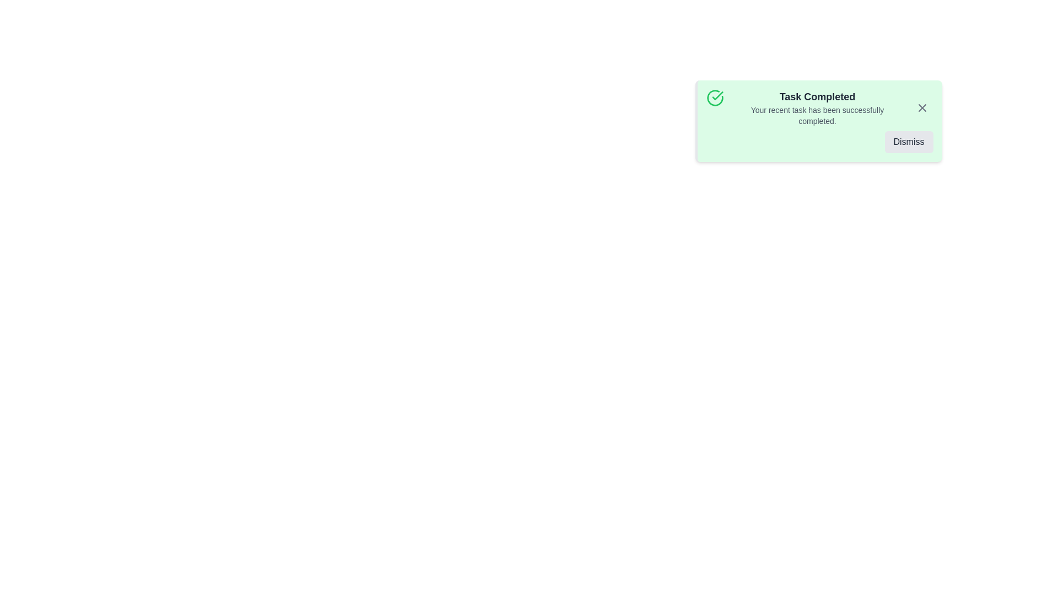 The width and height of the screenshot is (1058, 595). What do you see at coordinates (715, 108) in the screenshot?
I see `the success completion icon located at the far left of the notification card, preceding the 'Task Completed' heading` at bounding box center [715, 108].